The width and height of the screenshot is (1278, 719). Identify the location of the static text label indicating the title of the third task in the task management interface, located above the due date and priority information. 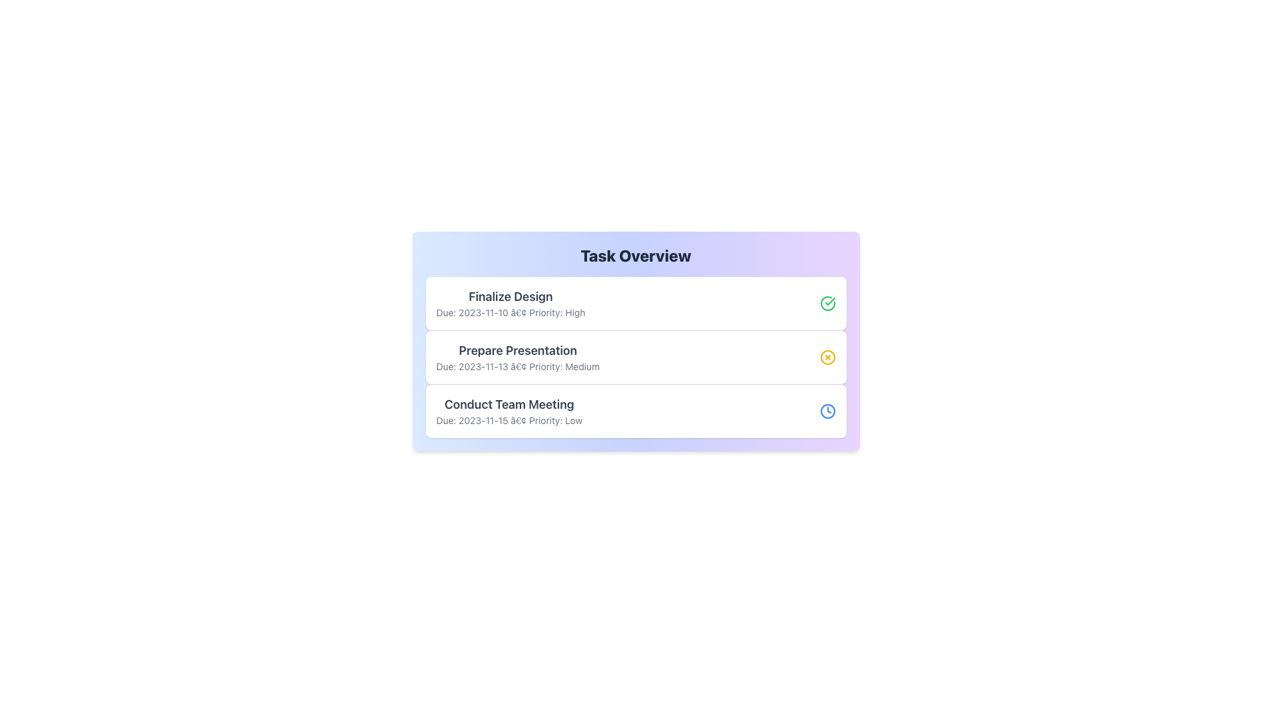
(509, 404).